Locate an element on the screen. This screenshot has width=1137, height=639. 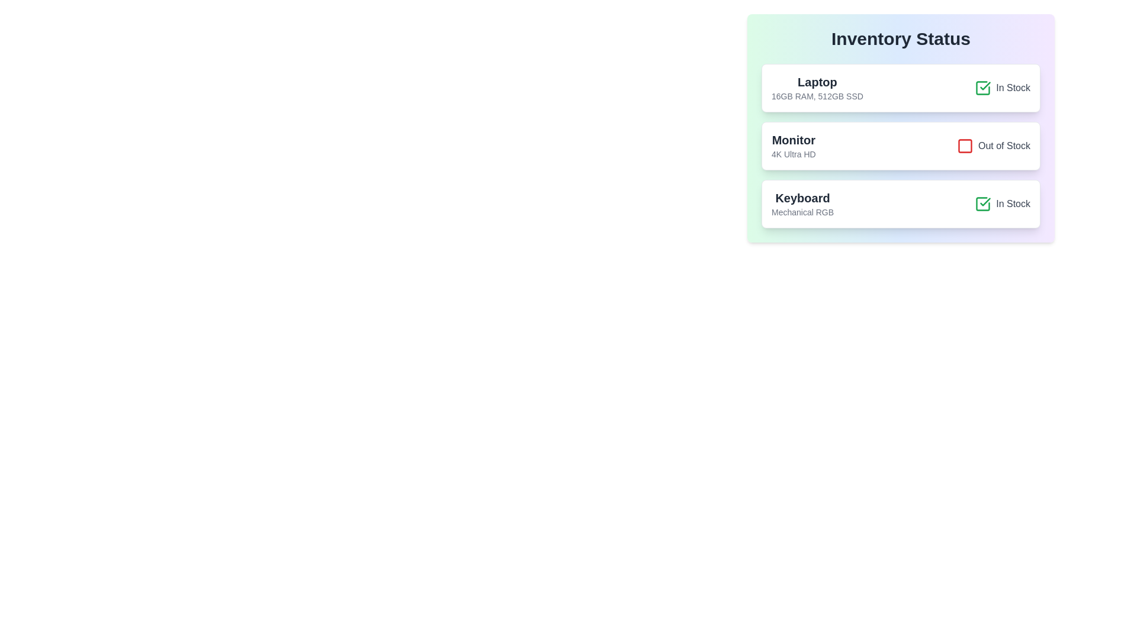
the product name and specification label located in the third section of the inventory list, situated between the 'Monitor' section and the 'In Stock' status message is located at coordinates (802, 203).